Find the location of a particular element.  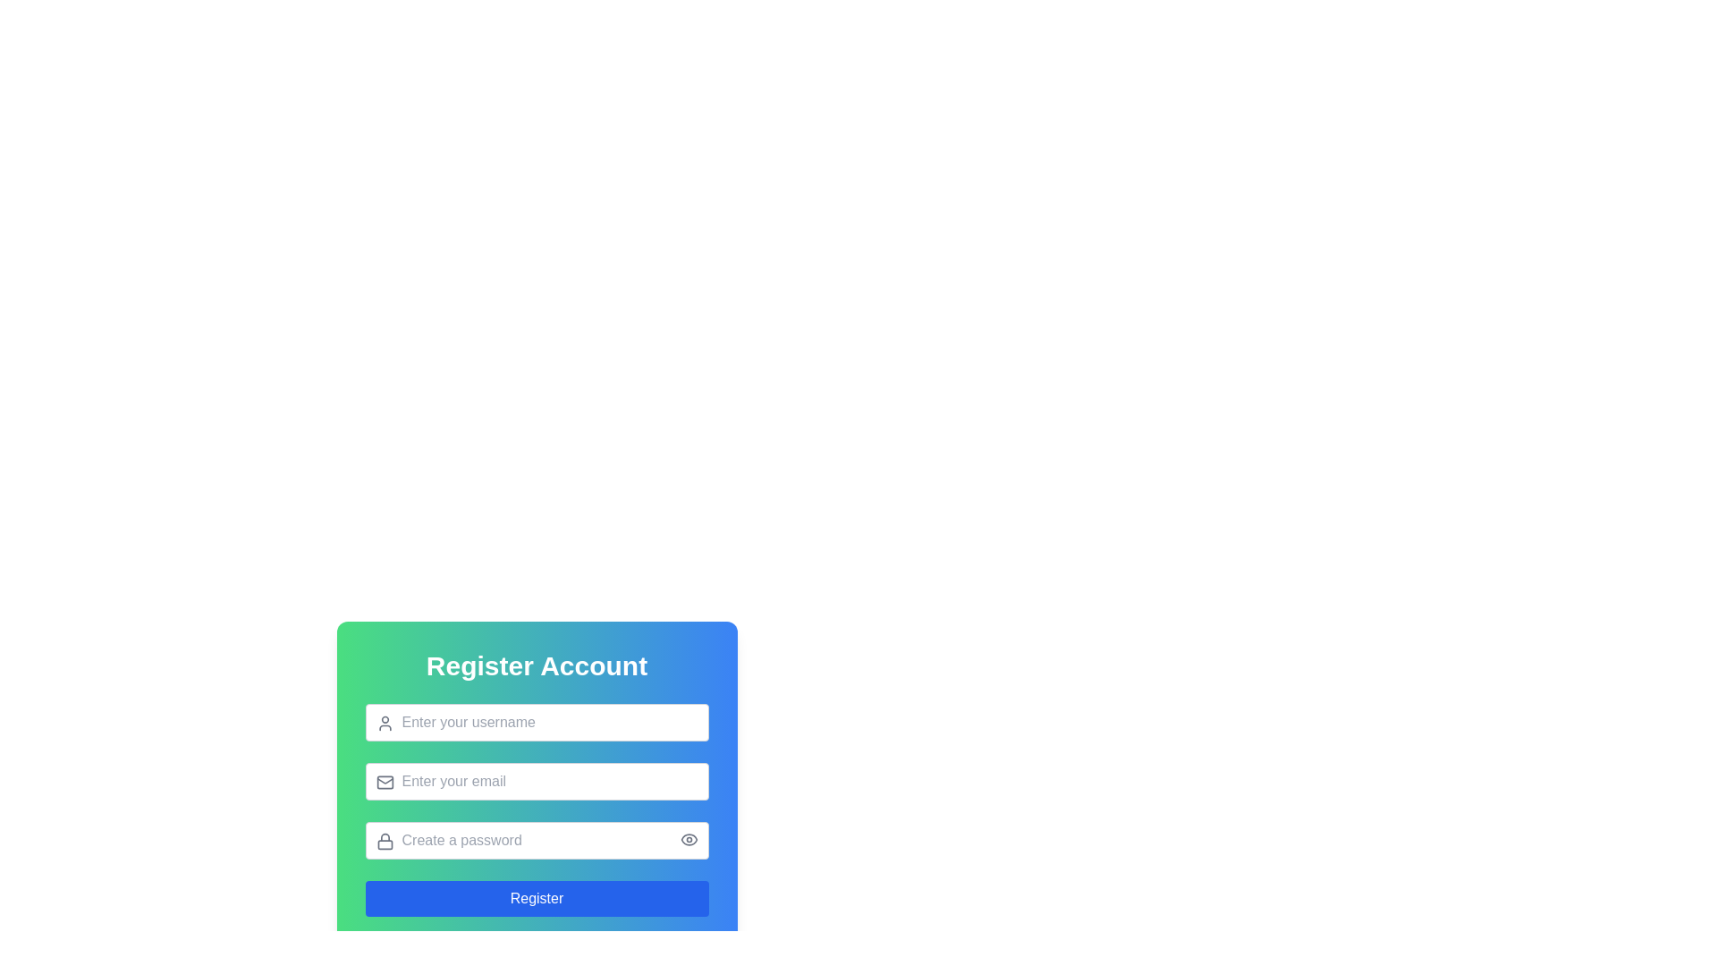

the lock icon positioned to the left of the 'Create a password' text input field, which is styled minimally with a gray color and features a rectangular base and curved shackle is located at coordinates (384, 842).